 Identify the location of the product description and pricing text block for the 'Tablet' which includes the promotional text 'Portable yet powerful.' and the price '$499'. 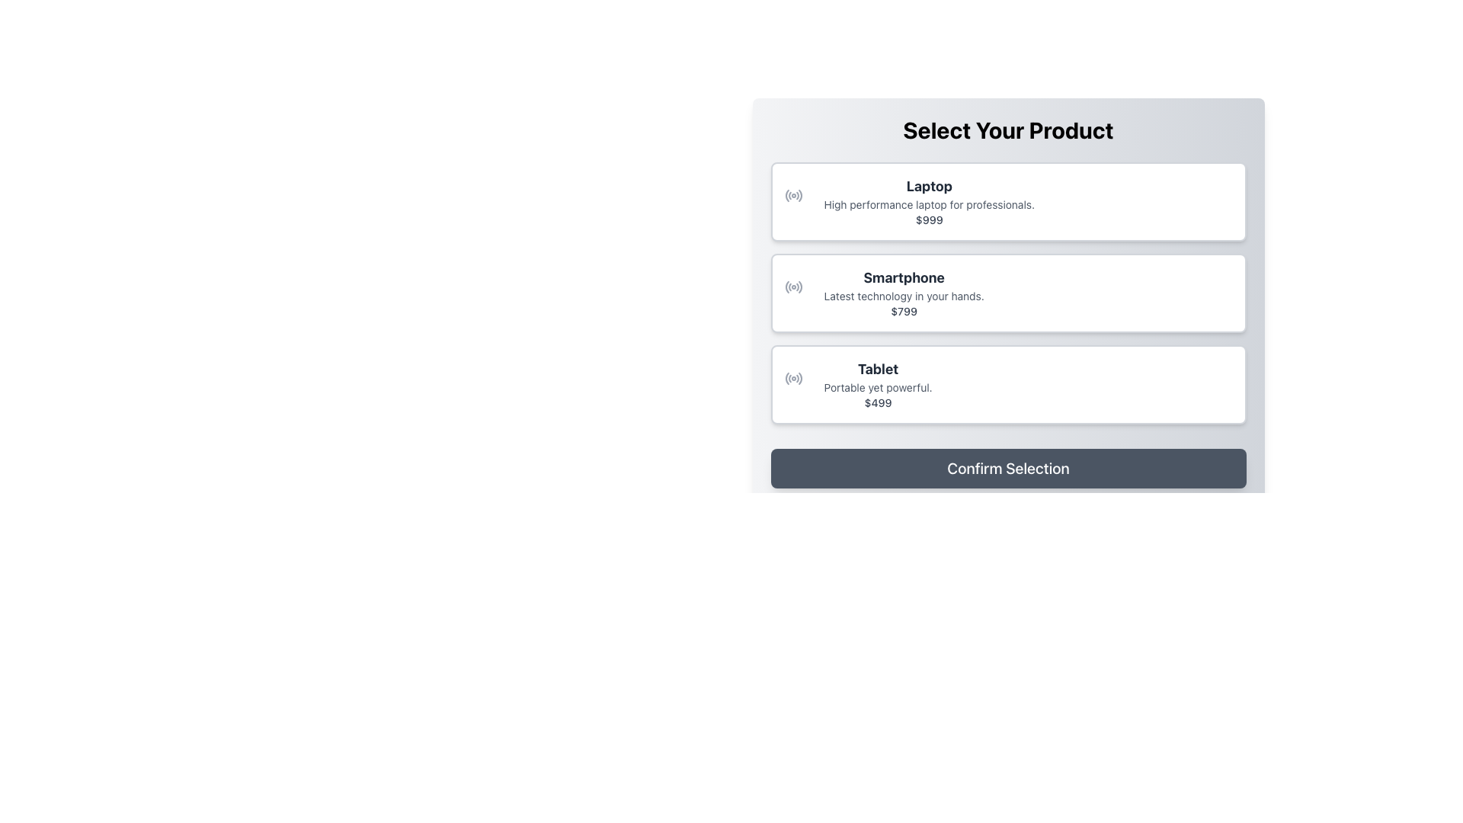
(878, 384).